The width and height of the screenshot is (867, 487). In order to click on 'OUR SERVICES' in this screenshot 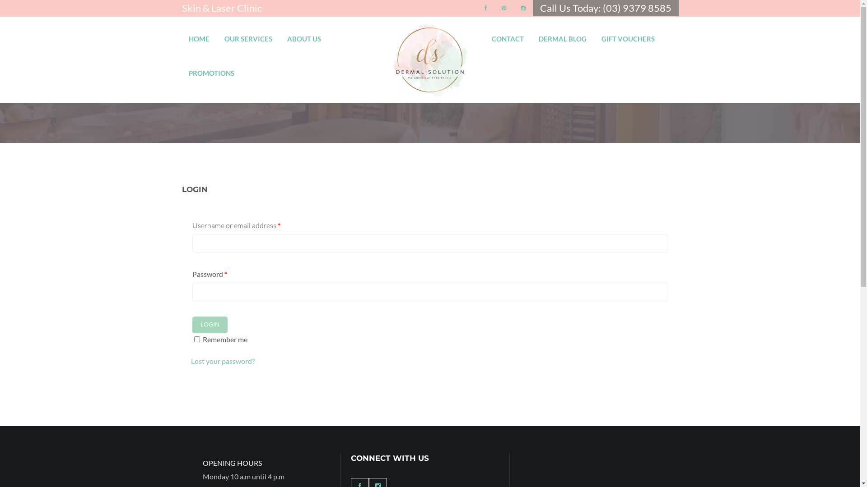, I will do `click(247, 34)`.